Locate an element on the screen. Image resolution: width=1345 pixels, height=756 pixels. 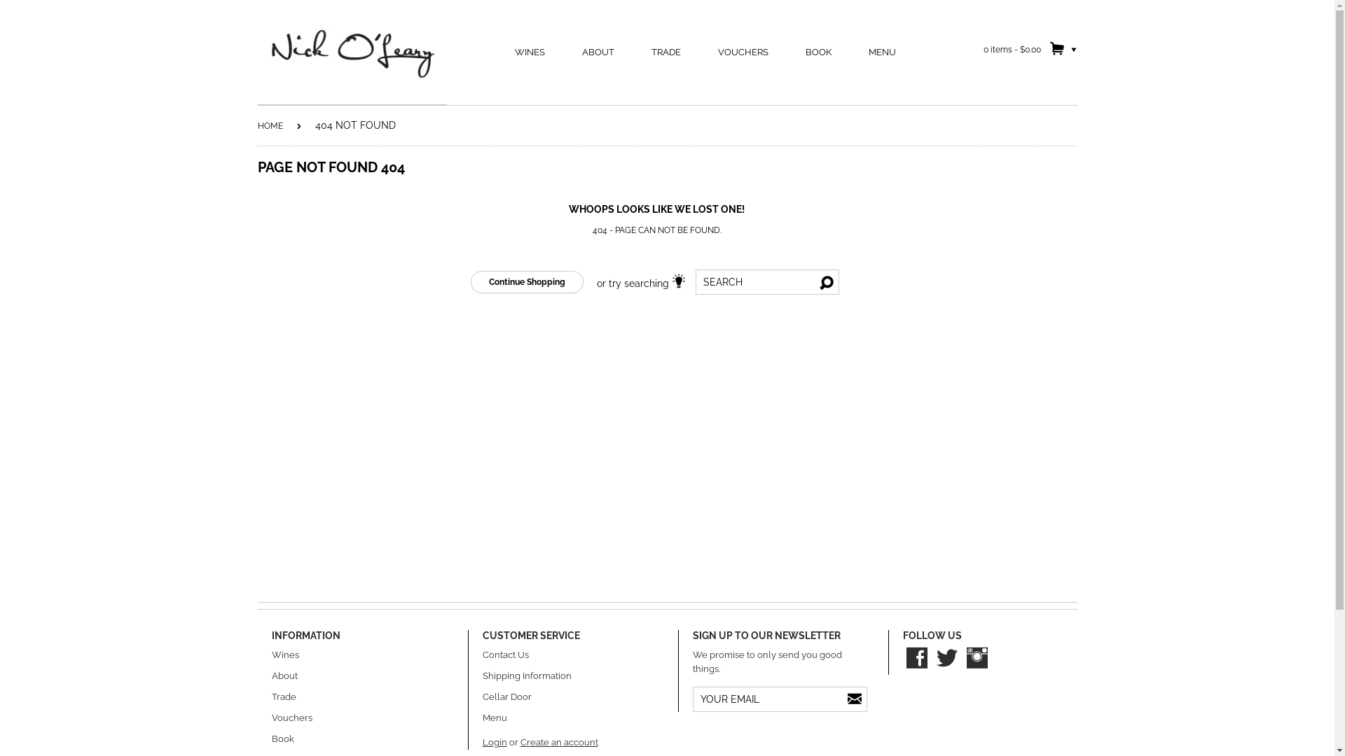
'Nick O'Leary Wines' is located at coordinates (352, 52).